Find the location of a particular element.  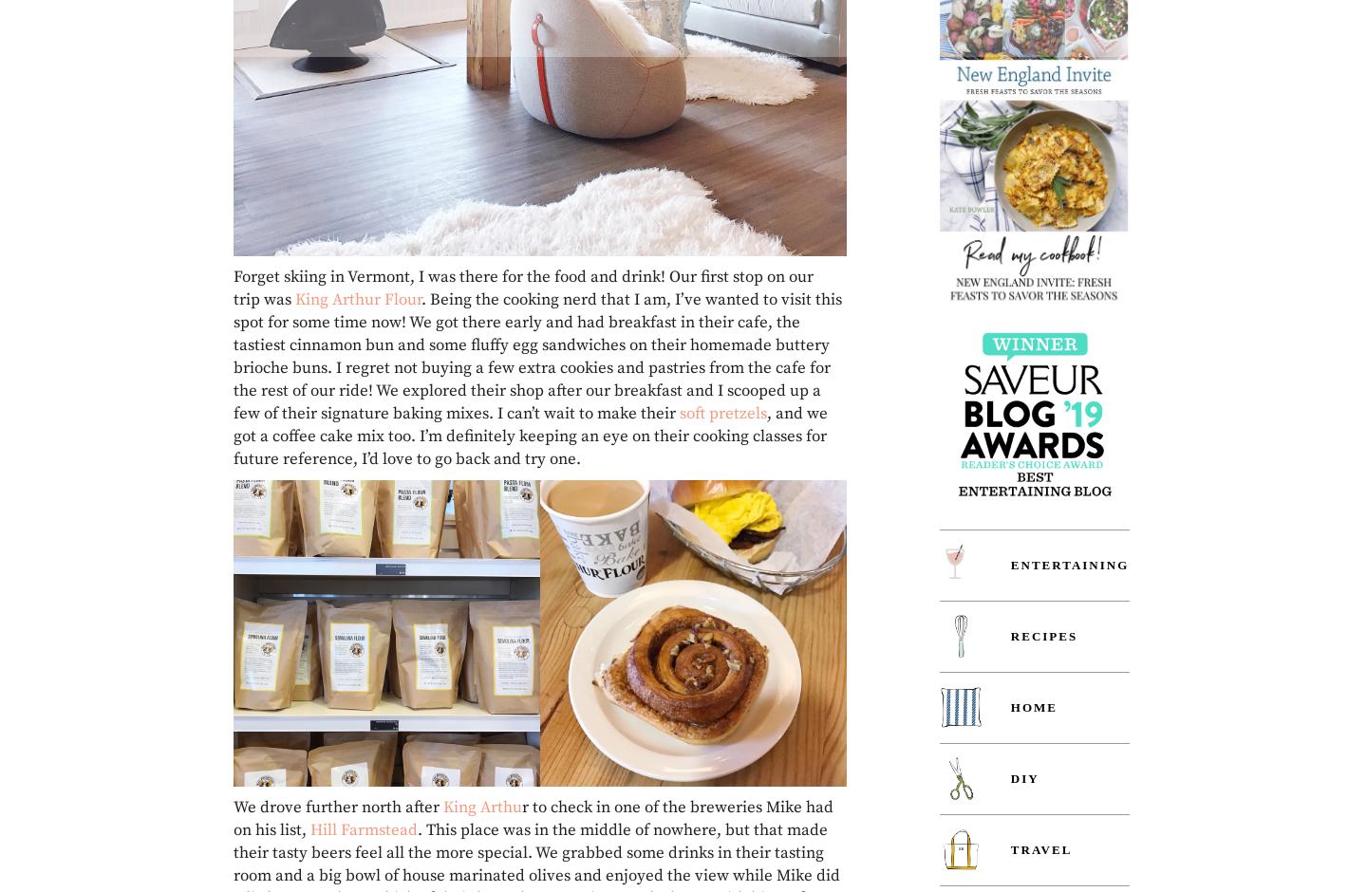

'r to check in one of the breweries Mike had on his list,' is located at coordinates (534, 816).